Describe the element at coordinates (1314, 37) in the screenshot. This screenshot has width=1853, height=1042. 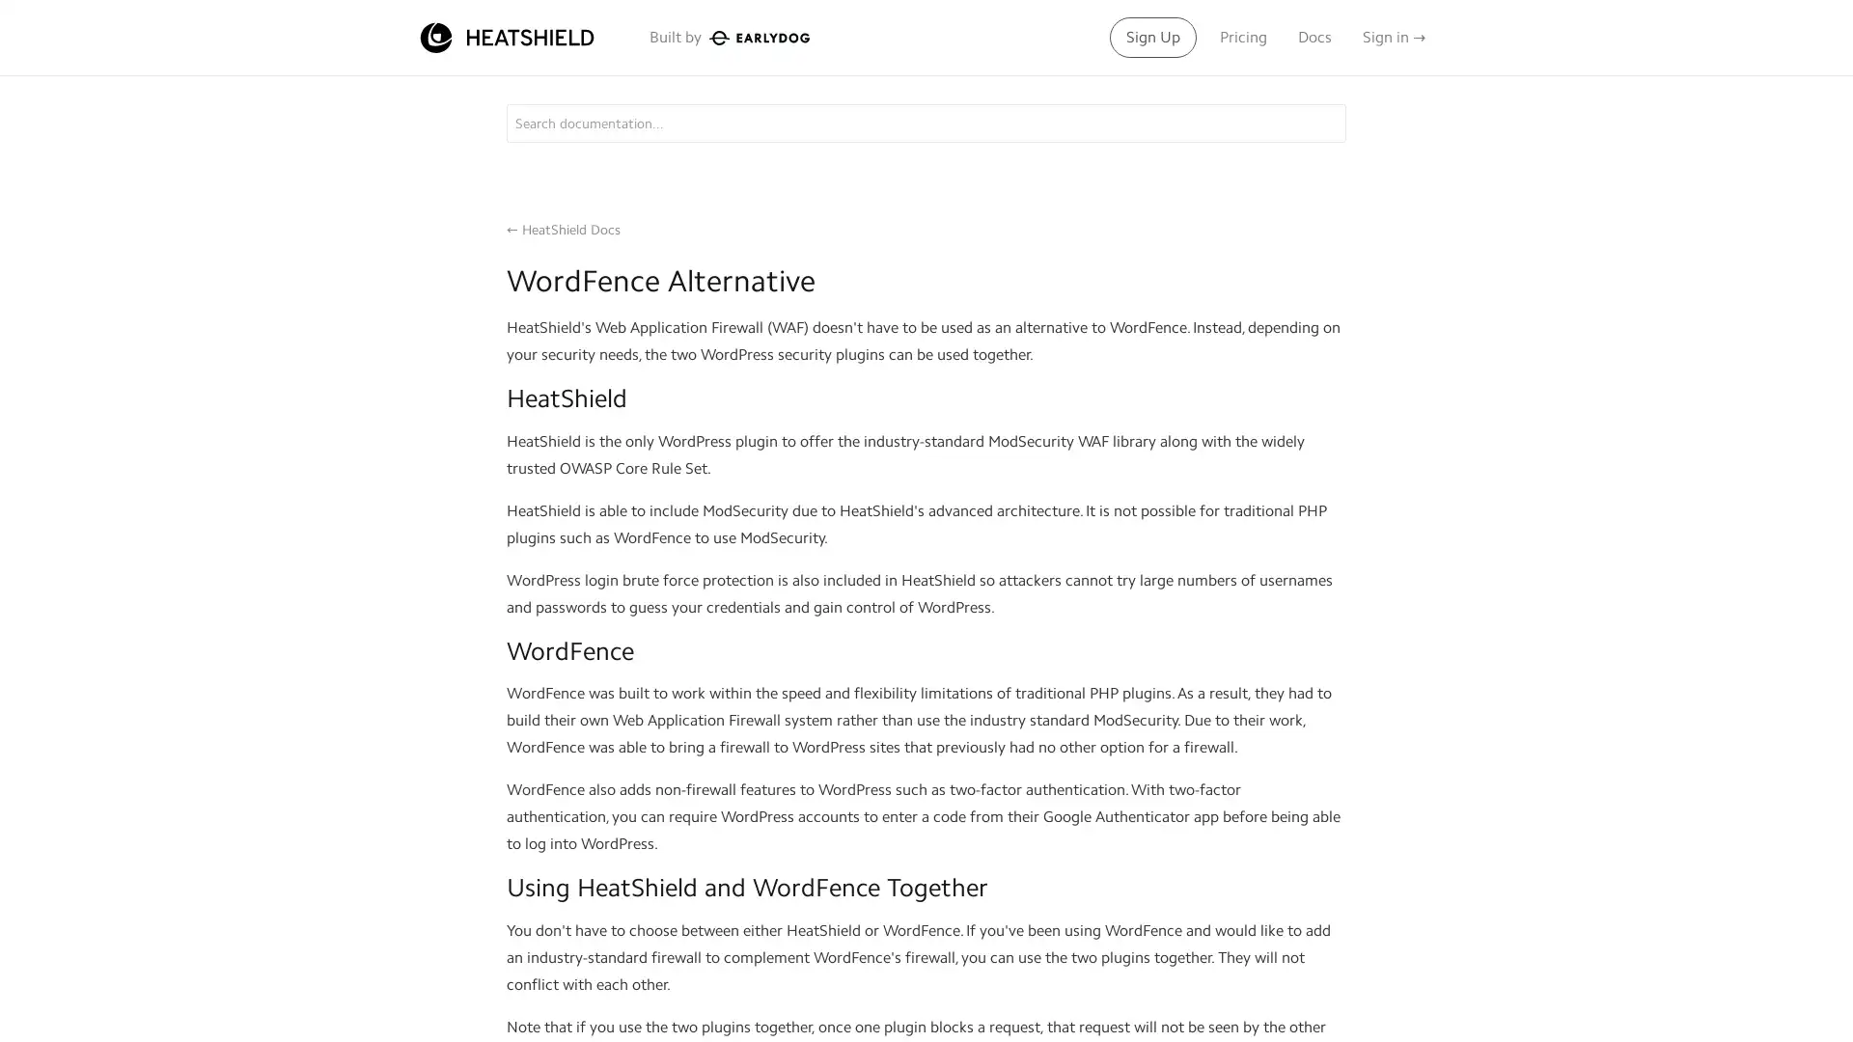
I see `Docs` at that location.